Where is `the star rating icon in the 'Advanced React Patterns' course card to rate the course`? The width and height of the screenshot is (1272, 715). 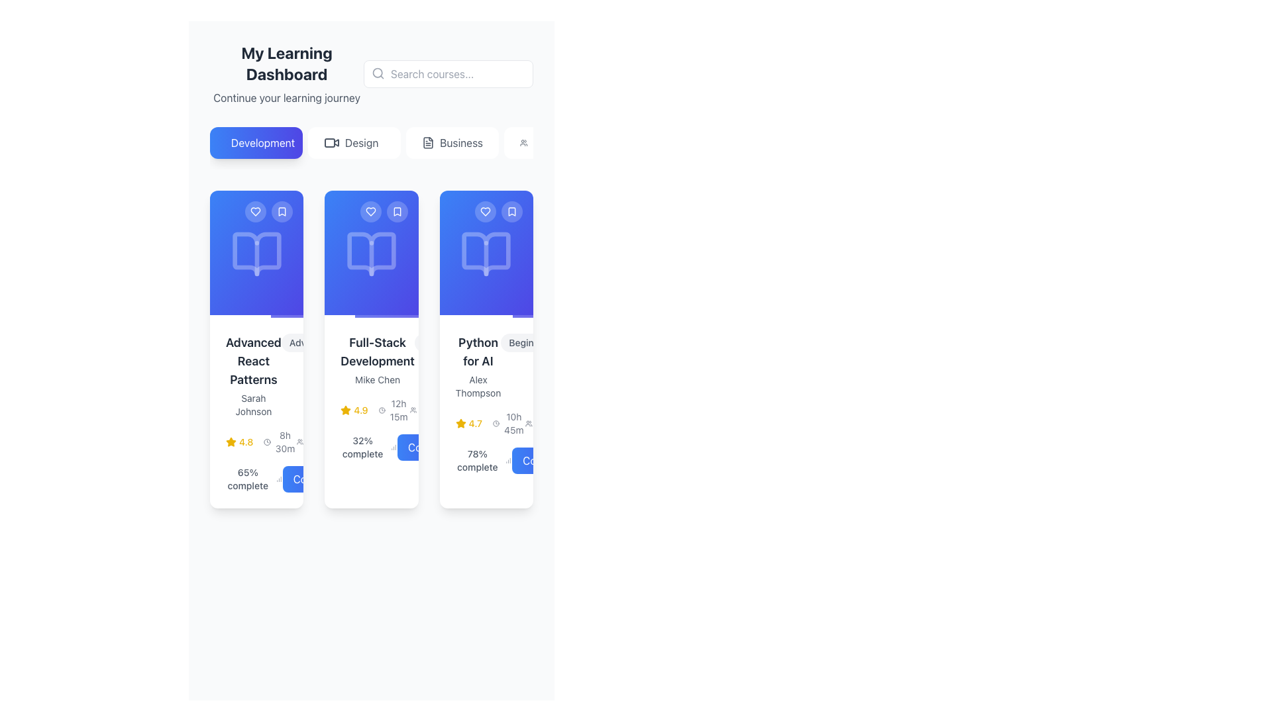 the star rating icon in the 'Advanced React Patterns' course card to rate the course is located at coordinates (256, 412).